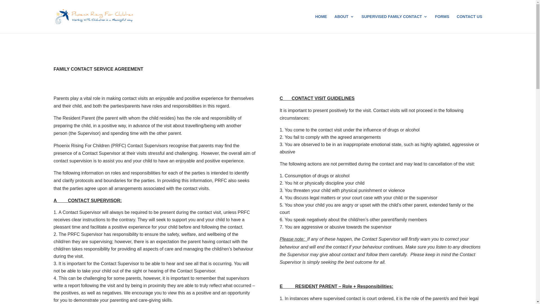  I want to click on 'HOME', so click(321, 23).